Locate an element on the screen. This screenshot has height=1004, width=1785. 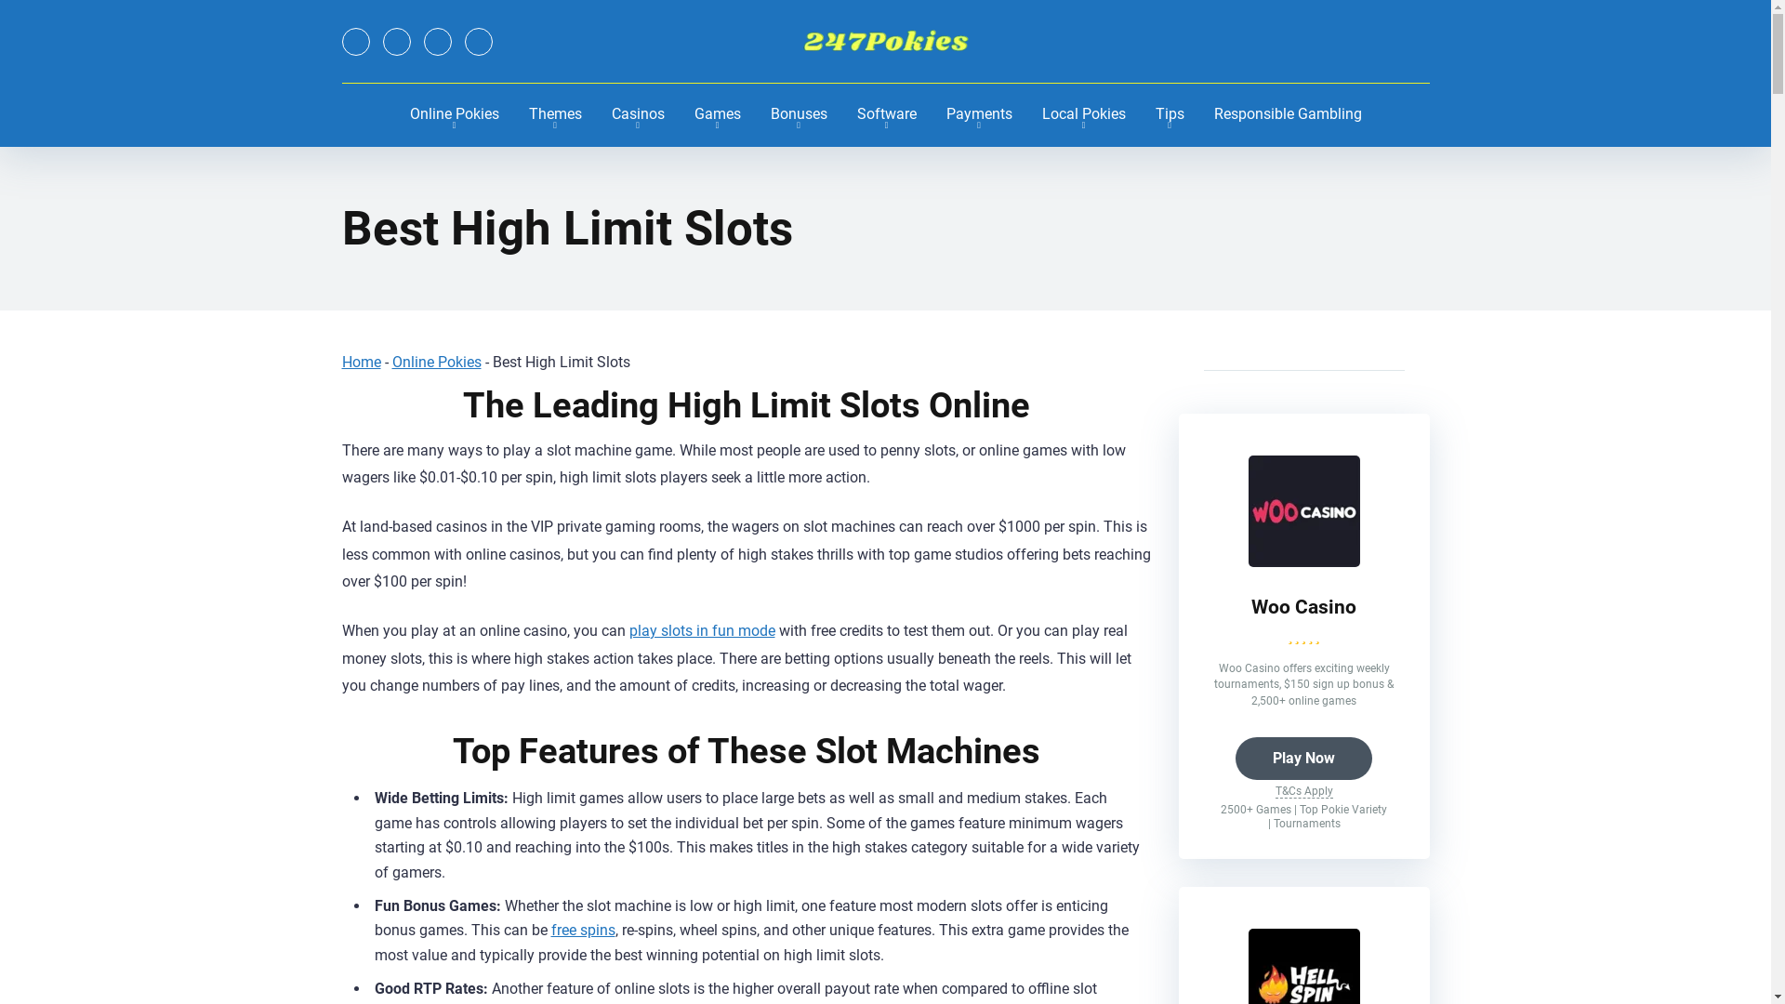
'Themes' is located at coordinates (513, 114).